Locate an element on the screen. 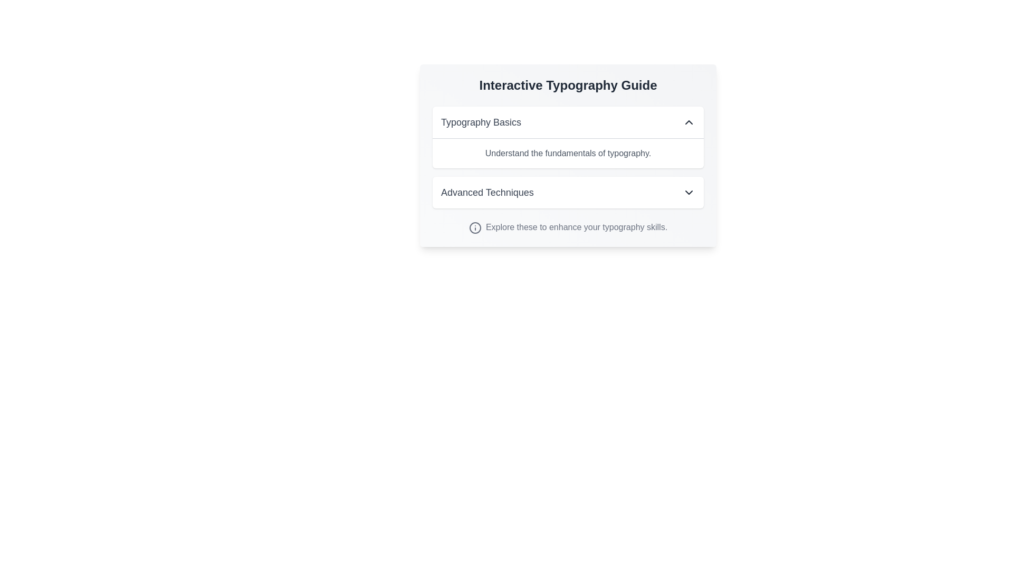  the text description that reads 'Explore these to enhance your typography skills.' which is styled with a centered alignment and light gray font, located at the bottom of the interface within a white card is located at coordinates (567, 227).